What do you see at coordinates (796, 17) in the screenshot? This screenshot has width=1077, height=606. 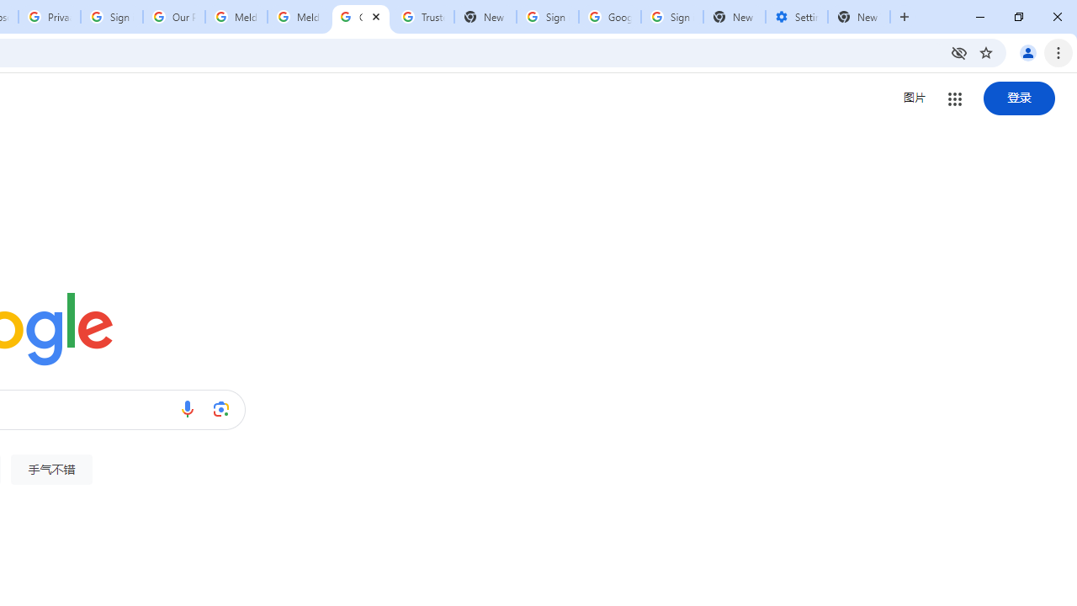 I see `'Settings - Addresses and more'` at bounding box center [796, 17].